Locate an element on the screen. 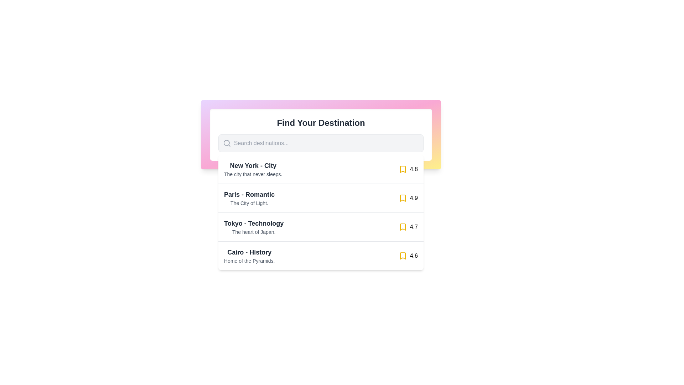  the text label displaying the phrase 'The heart of Japan.' located beneath the title 'Tokyo - Technology' in the list of destinations is located at coordinates (254, 232).